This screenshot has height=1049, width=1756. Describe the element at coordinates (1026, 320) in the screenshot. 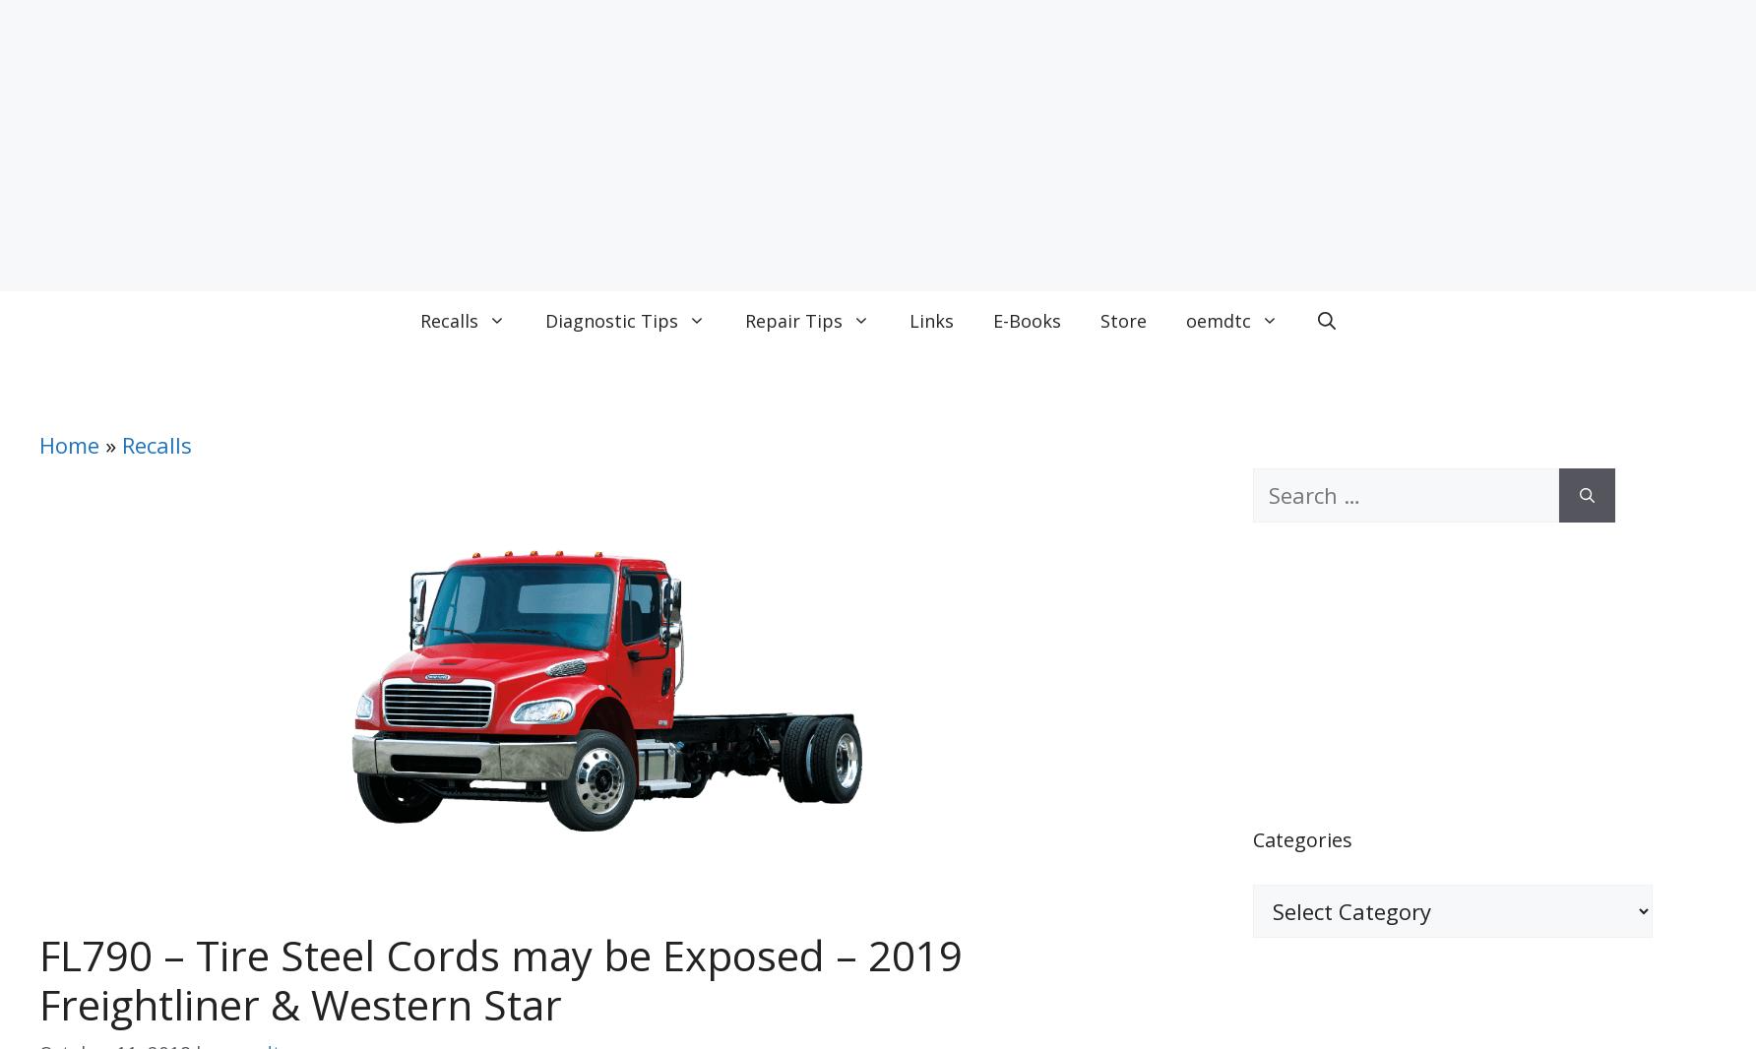

I see `'E-Books'` at that location.